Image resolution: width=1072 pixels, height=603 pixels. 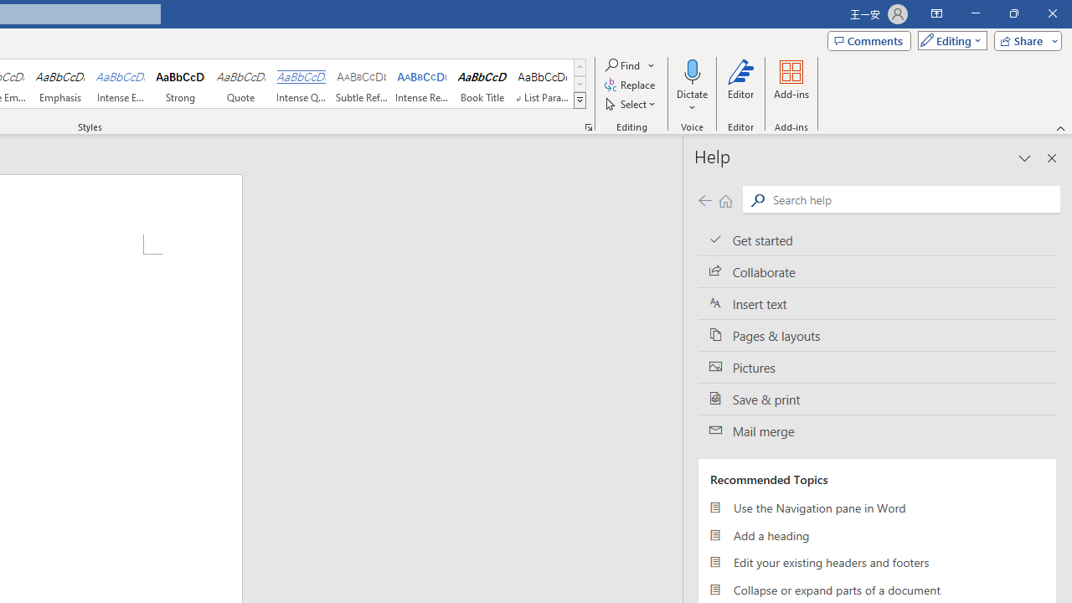 I want to click on 'Mode', so click(x=949, y=39).